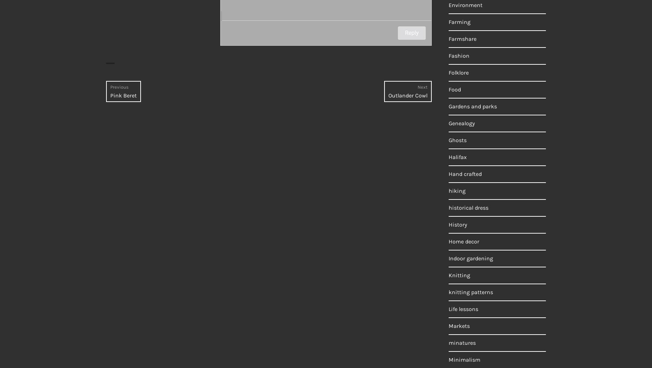 The width and height of the screenshot is (652, 368). What do you see at coordinates (465, 174) in the screenshot?
I see `'Hand crafted'` at bounding box center [465, 174].